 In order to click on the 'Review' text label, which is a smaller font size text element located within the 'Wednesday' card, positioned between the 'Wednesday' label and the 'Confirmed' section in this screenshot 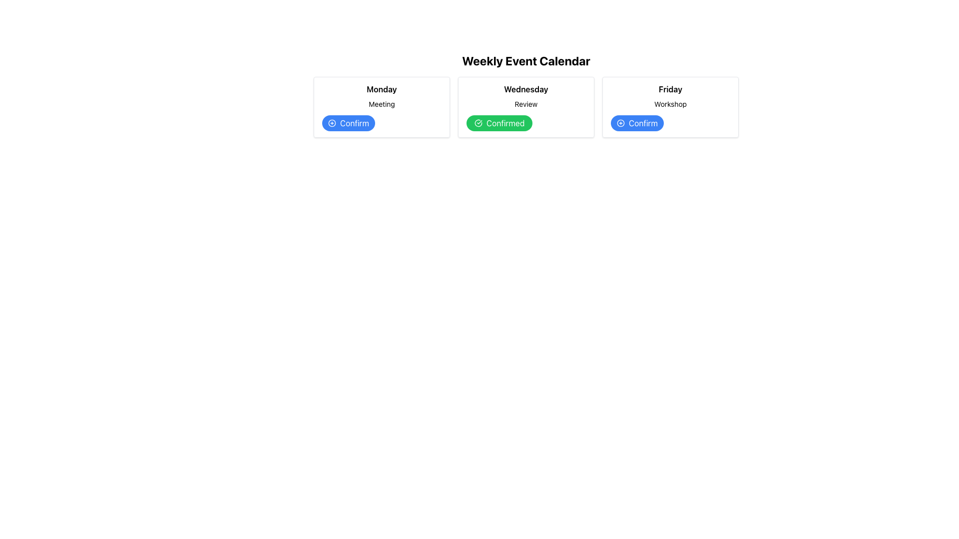, I will do `click(525, 104)`.